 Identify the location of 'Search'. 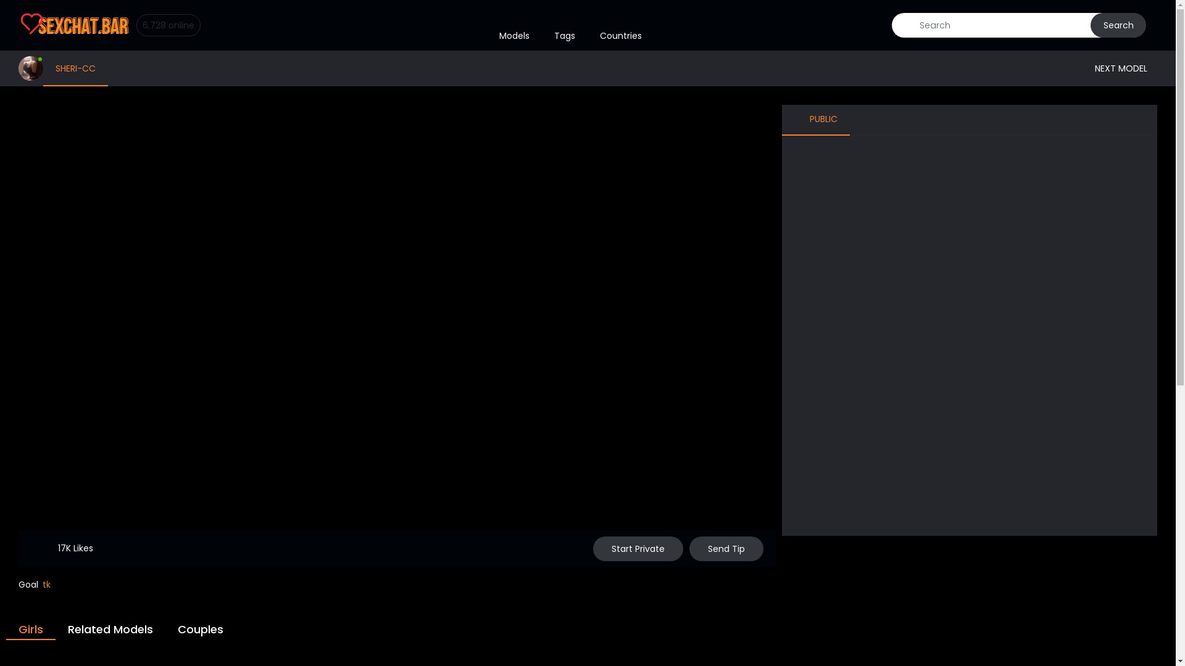
(1118, 25).